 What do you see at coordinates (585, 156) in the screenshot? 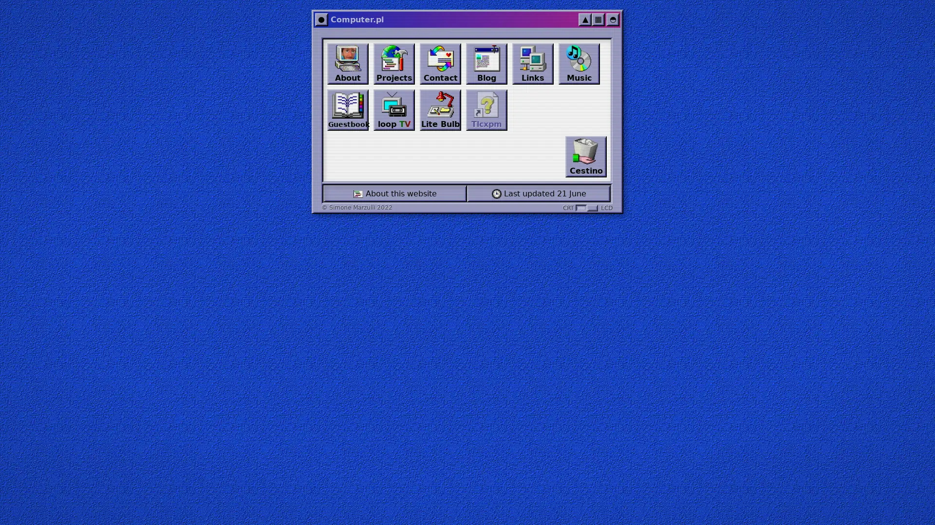
I see `trash Cestino` at bounding box center [585, 156].